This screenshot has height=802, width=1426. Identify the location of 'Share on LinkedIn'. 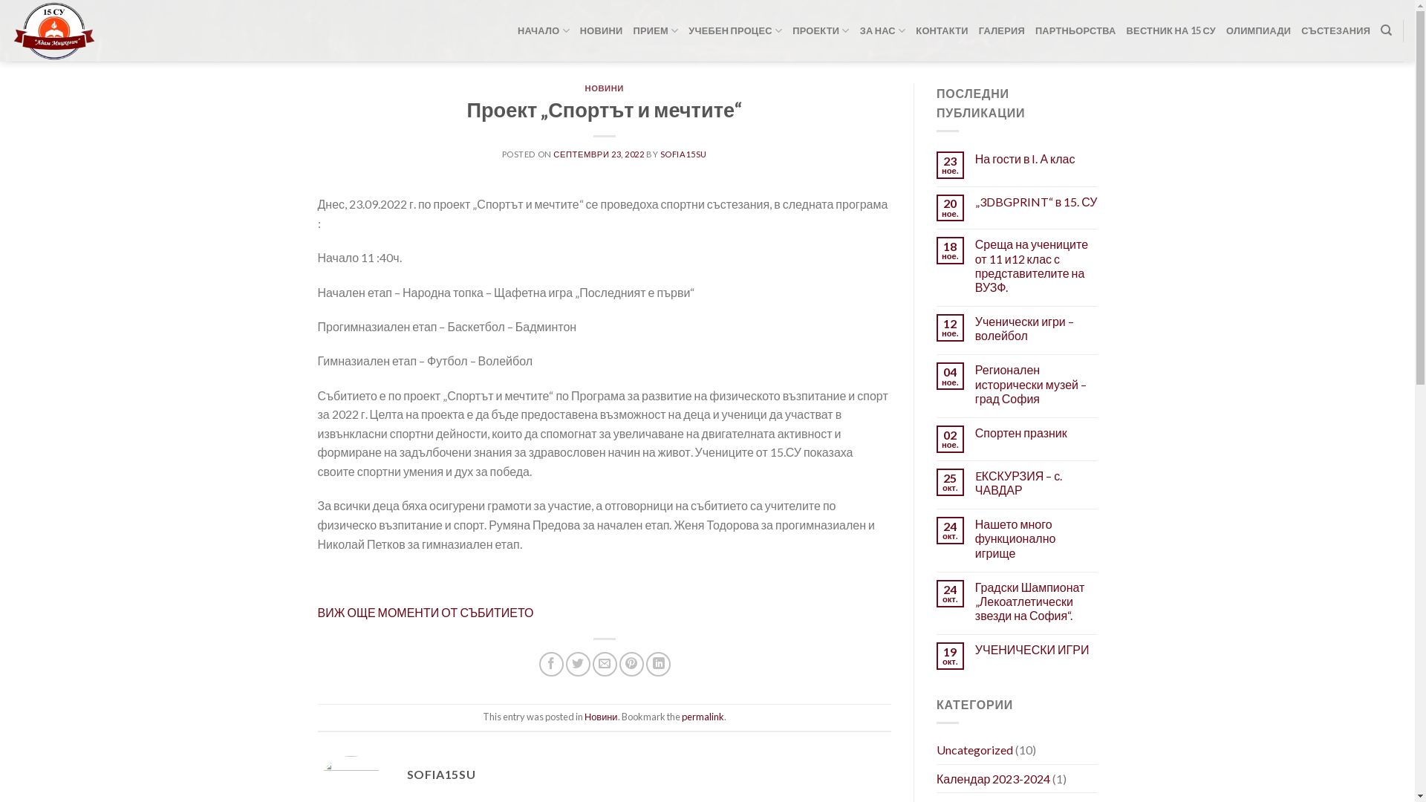
(645, 663).